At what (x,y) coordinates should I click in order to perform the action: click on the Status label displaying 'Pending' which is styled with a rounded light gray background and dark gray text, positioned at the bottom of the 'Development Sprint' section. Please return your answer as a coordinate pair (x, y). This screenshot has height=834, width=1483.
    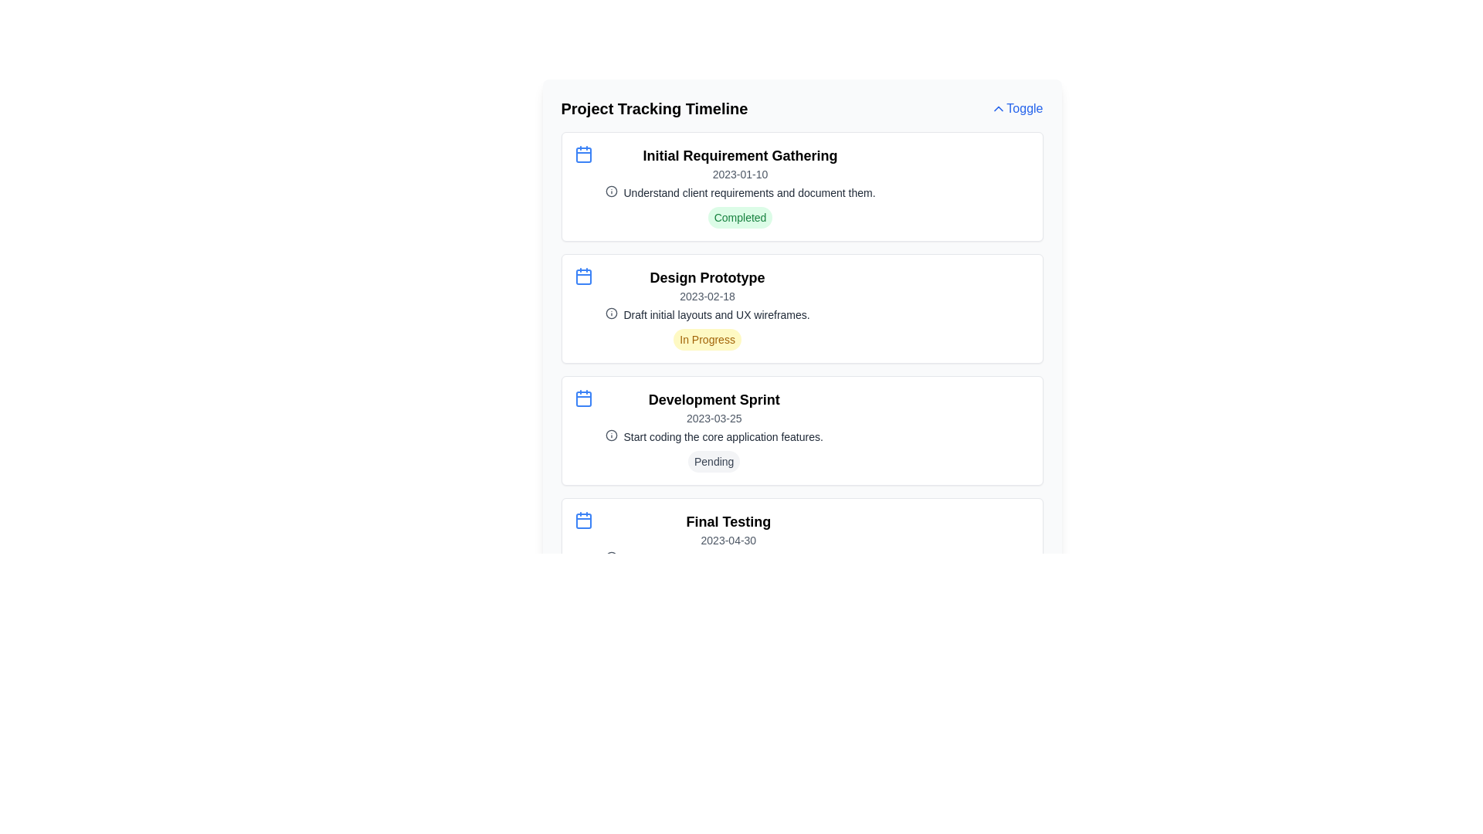
    Looking at the image, I should click on (713, 460).